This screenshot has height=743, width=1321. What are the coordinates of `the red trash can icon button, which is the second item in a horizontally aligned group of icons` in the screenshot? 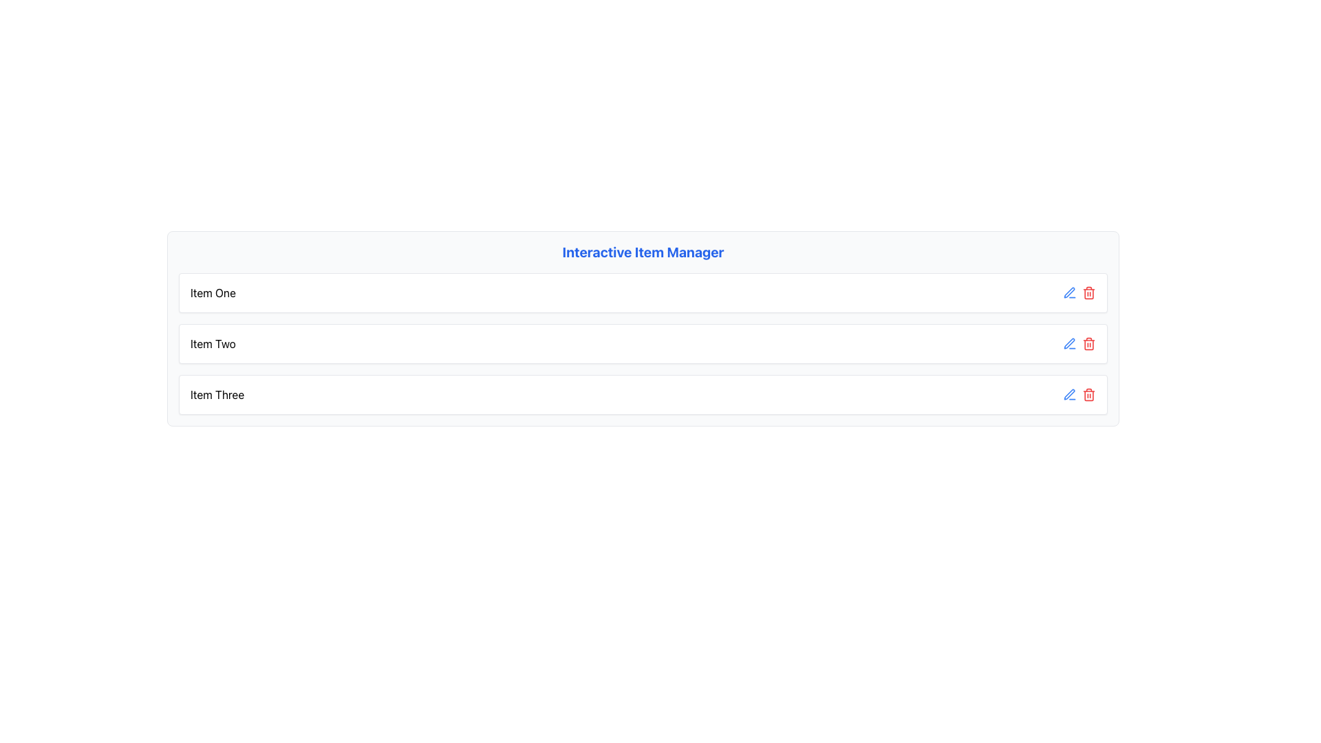 It's located at (1088, 395).